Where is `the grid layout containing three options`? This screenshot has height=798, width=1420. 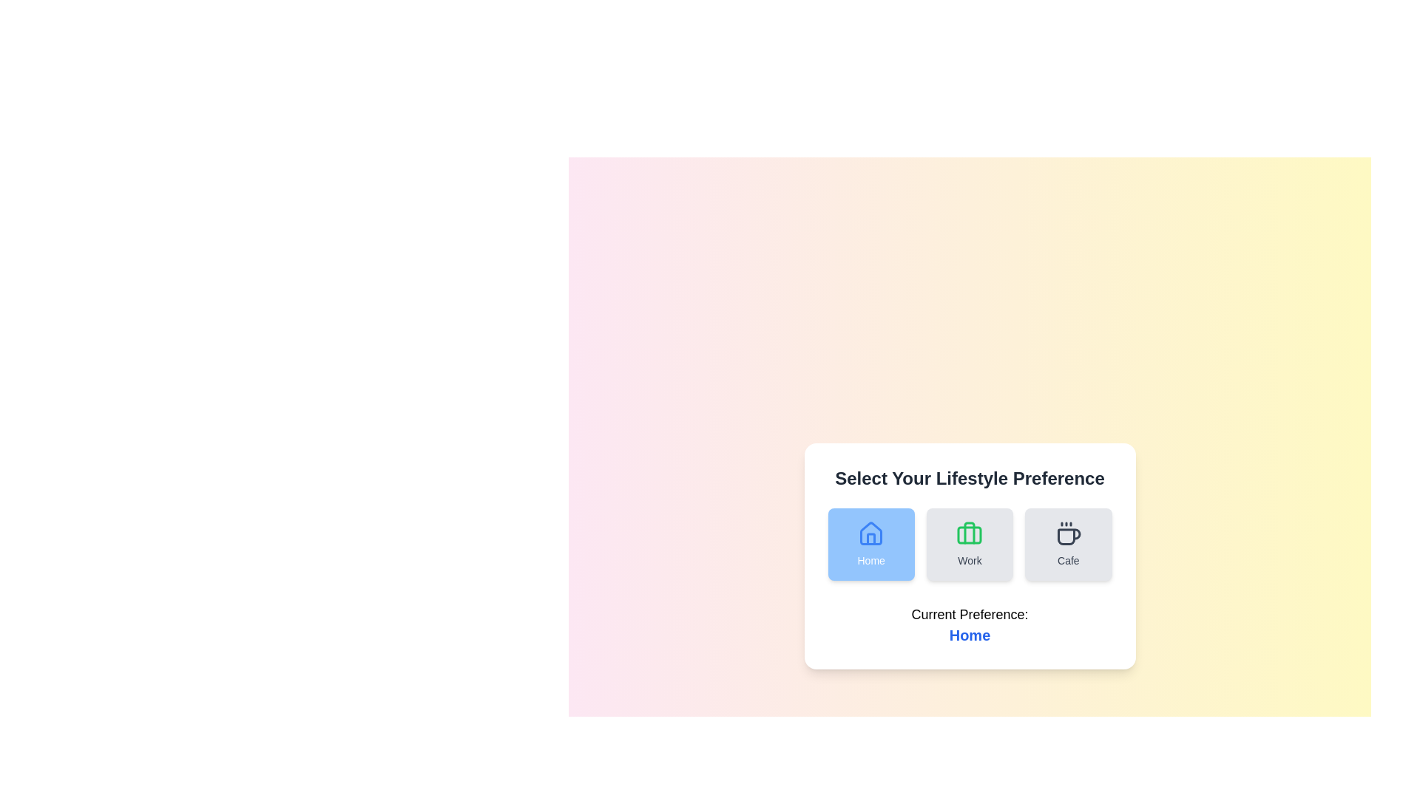 the grid layout containing three options is located at coordinates (970, 544).